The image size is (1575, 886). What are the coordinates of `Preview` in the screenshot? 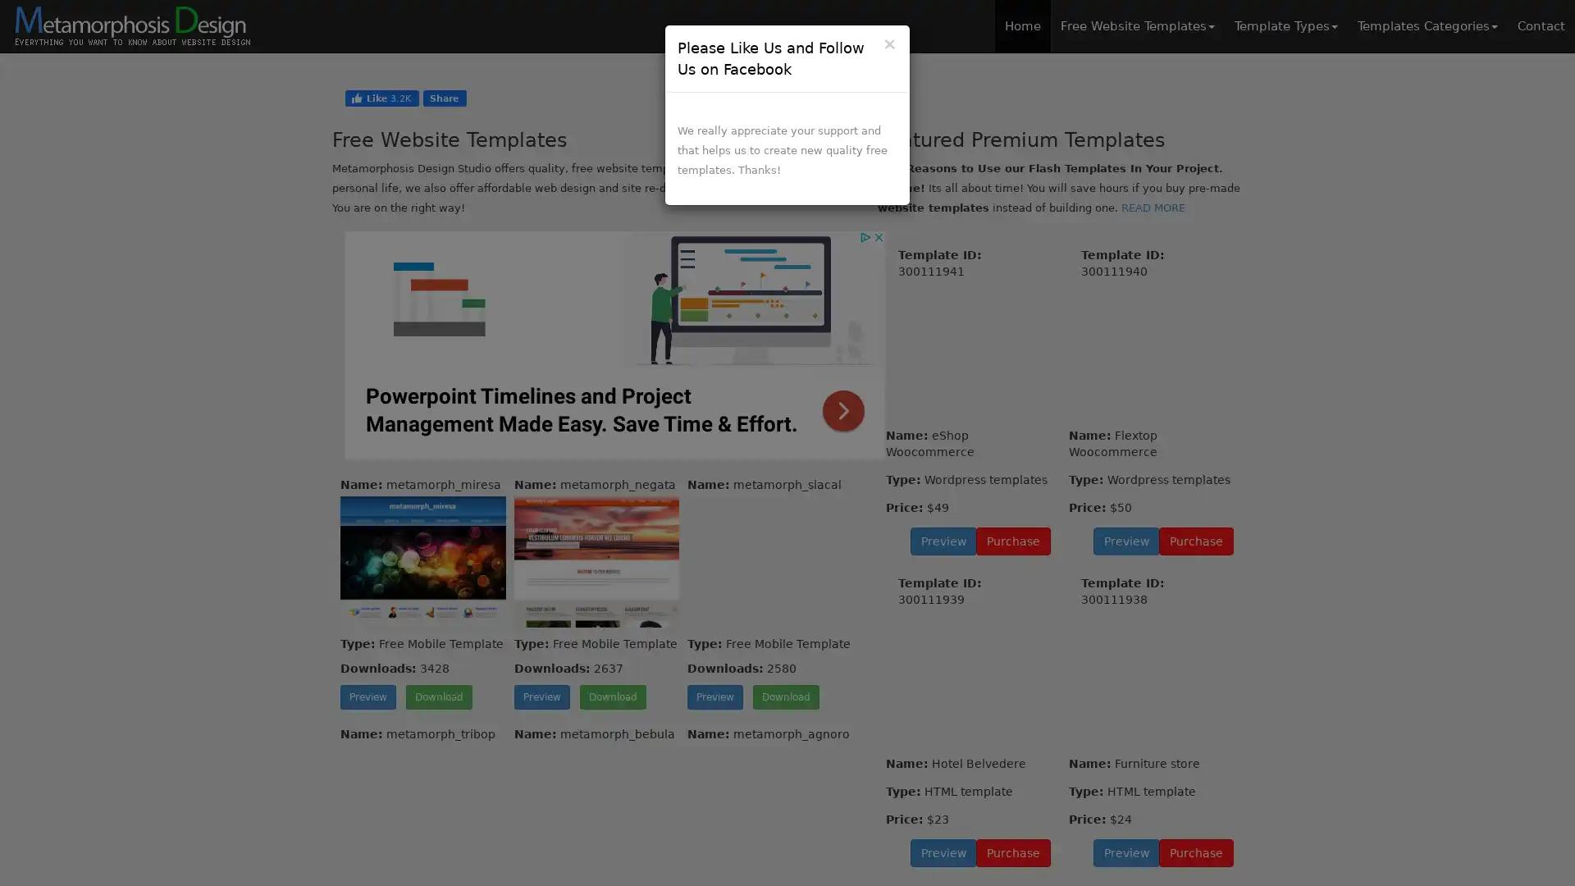 It's located at (367, 696).